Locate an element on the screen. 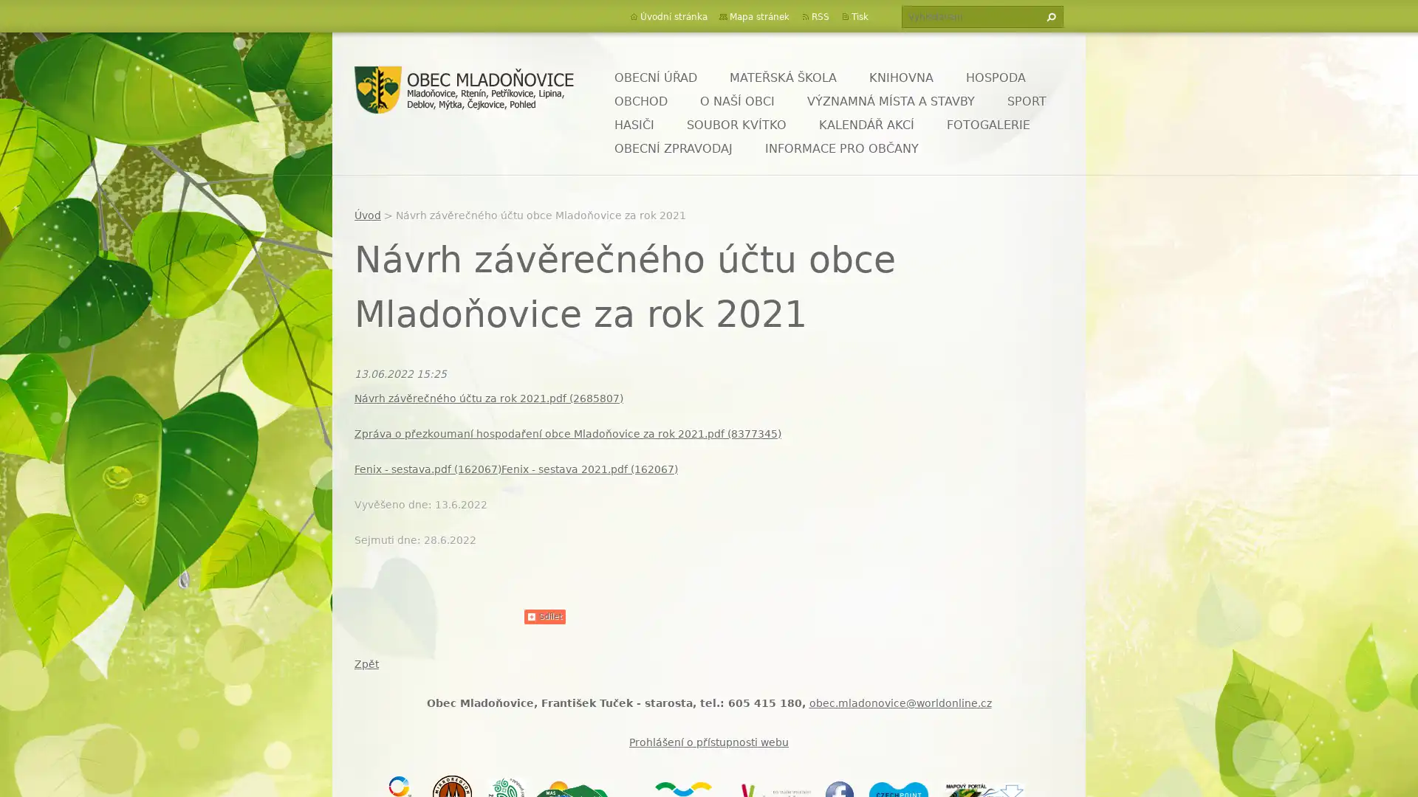  Hledat is located at coordinates (1048, 17).